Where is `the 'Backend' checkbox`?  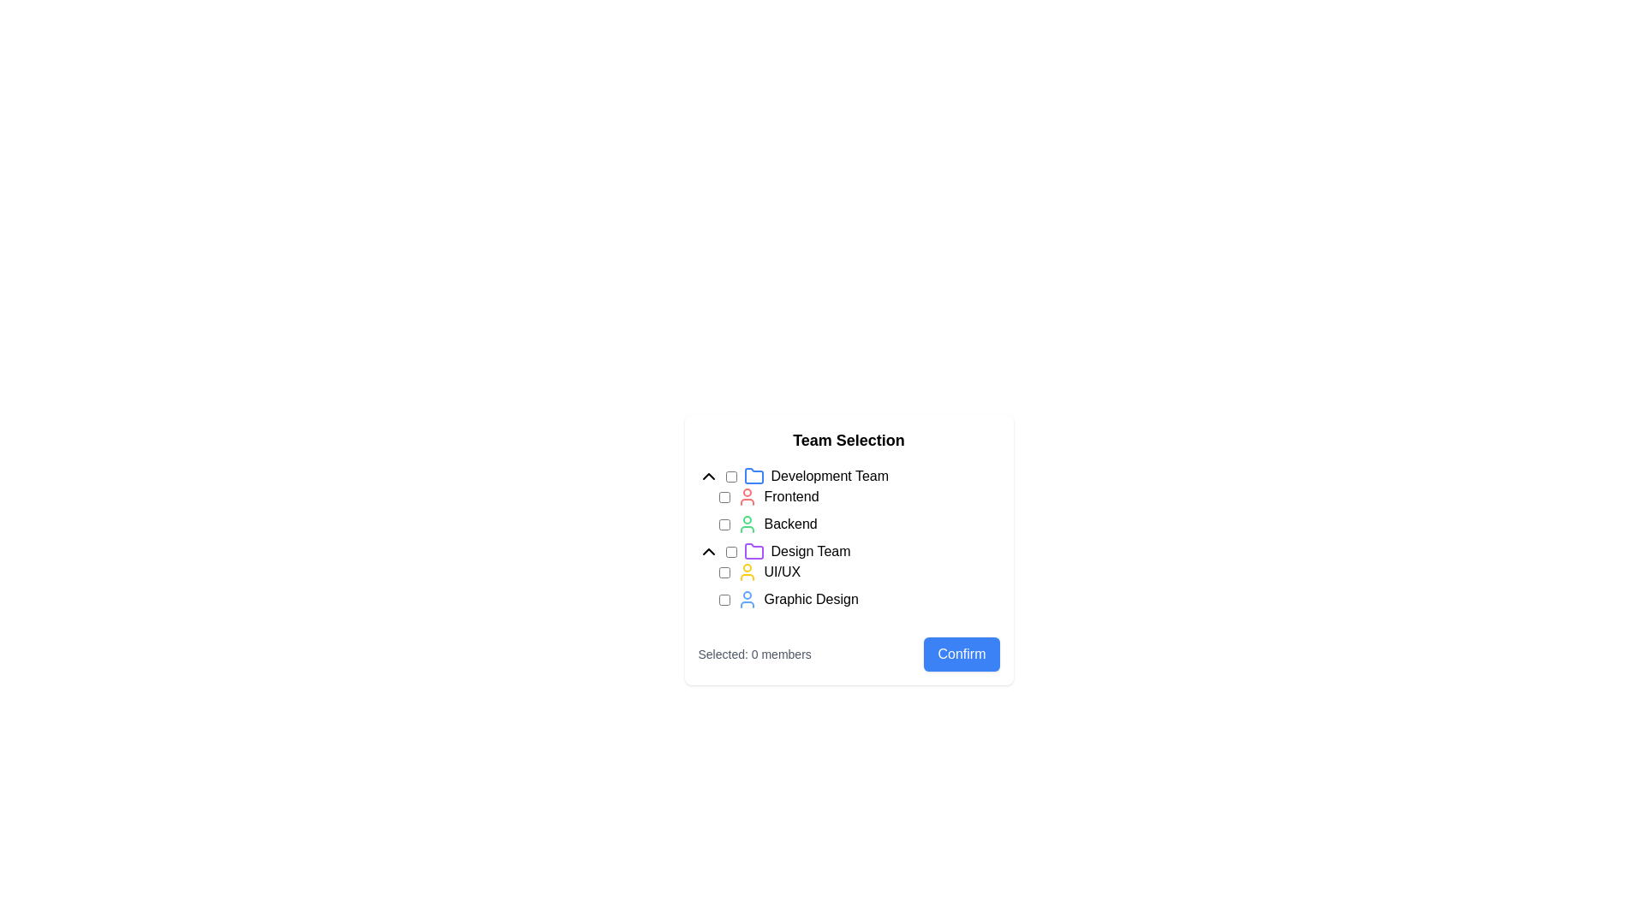
the 'Backend' checkbox is located at coordinates (724, 524).